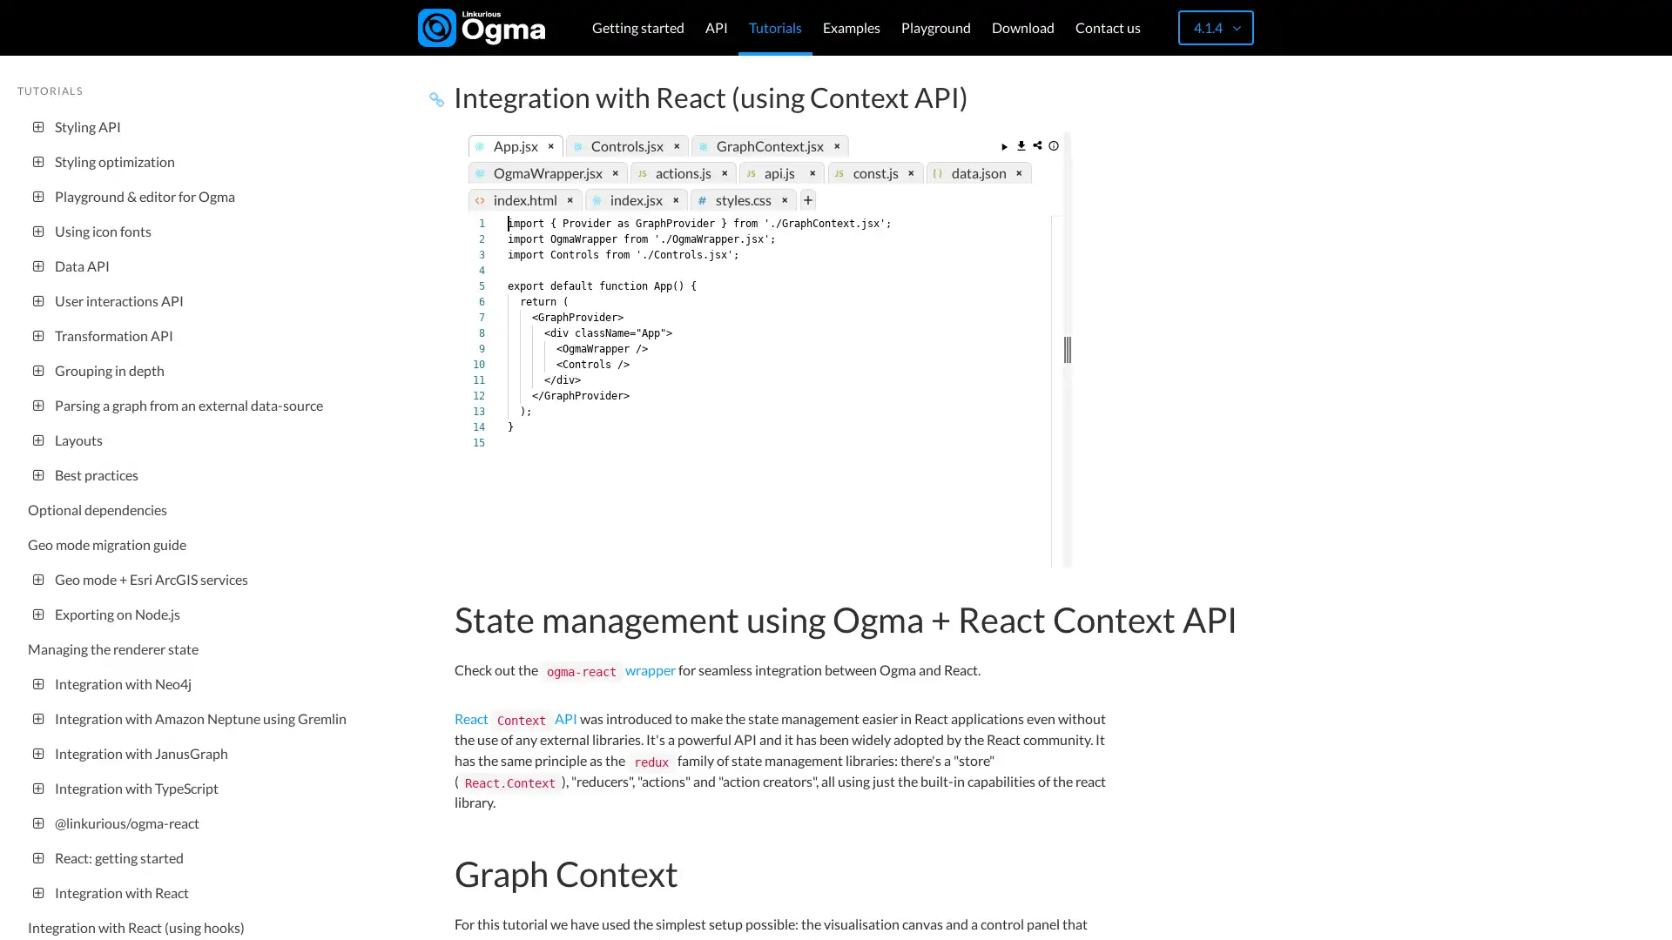  What do you see at coordinates (1215, 27) in the screenshot?
I see `4.1.4` at bounding box center [1215, 27].